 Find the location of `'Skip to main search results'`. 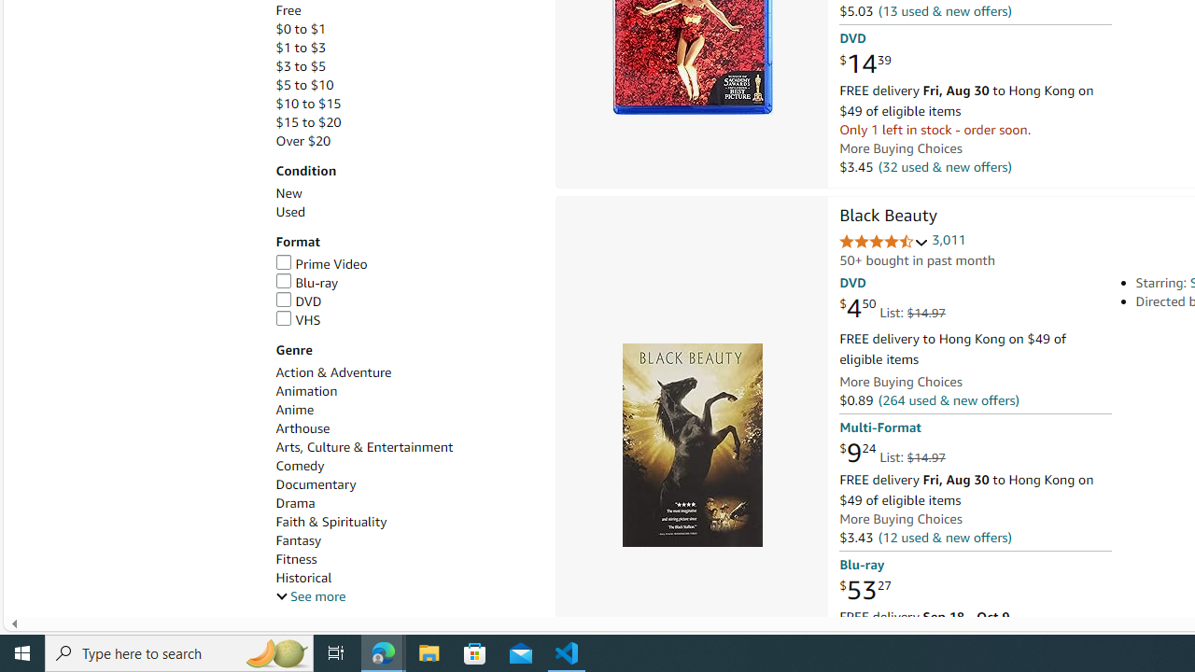

'Skip to main search results' is located at coordinates (81, 608).